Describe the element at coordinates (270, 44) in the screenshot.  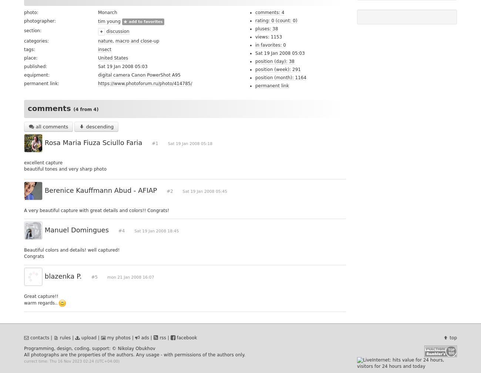
I see `'in favorites: 0'` at that location.